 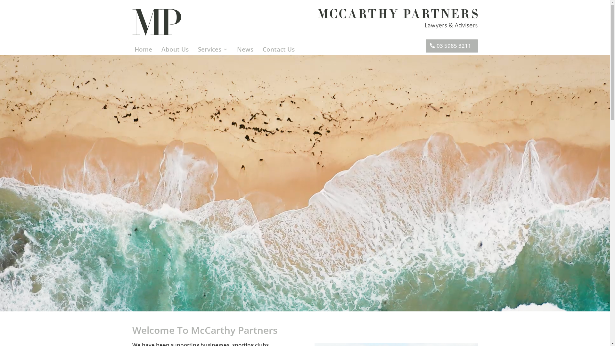 What do you see at coordinates (213, 50) in the screenshot?
I see `'Services'` at bounding box center [213, 50].